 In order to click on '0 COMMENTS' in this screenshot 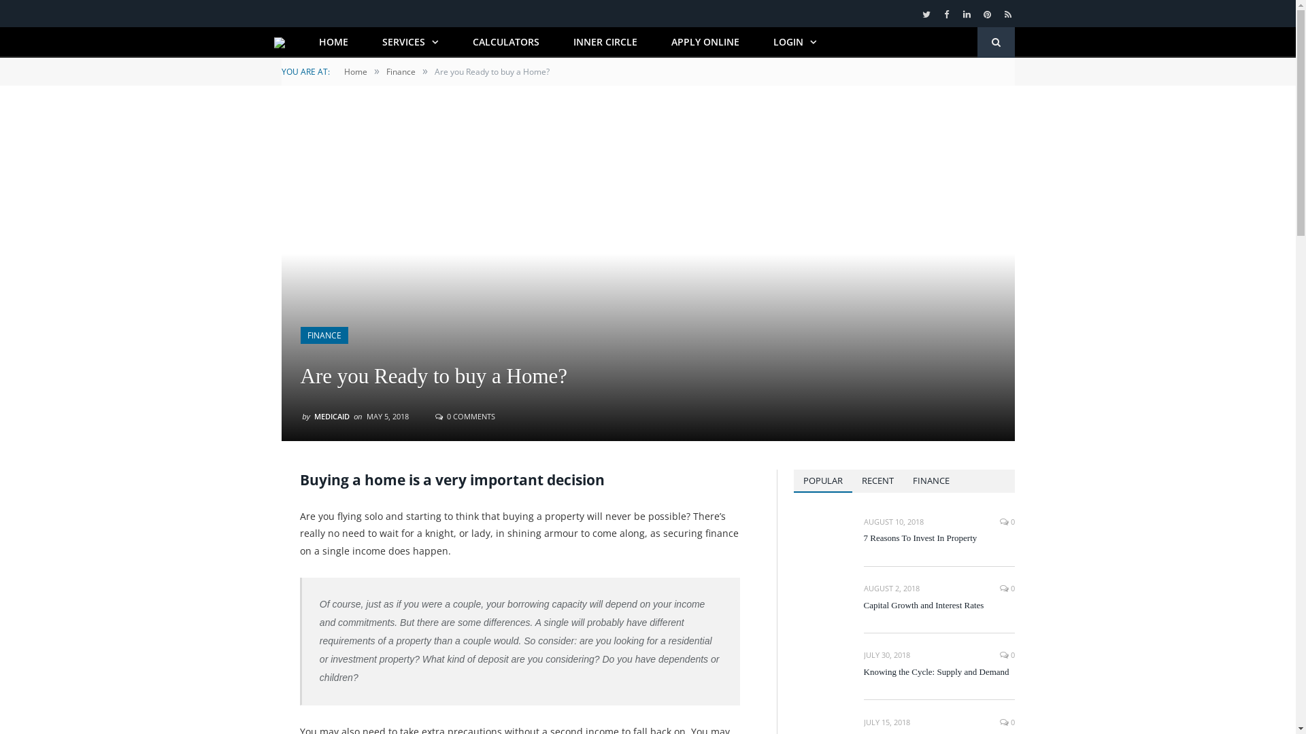, I will do `click(465, 415)`.